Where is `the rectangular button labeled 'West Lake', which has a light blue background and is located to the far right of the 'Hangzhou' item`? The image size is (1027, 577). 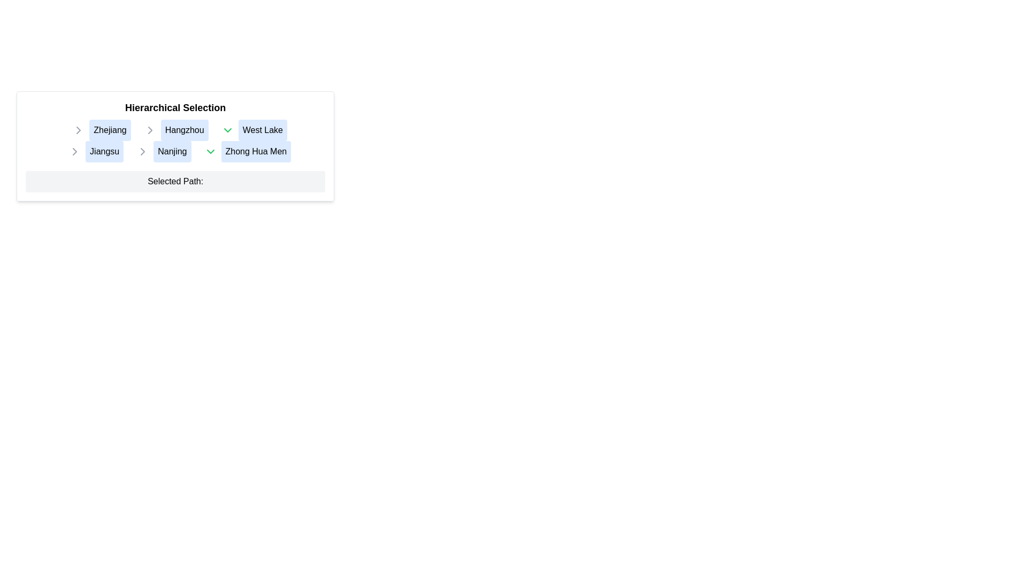
the rectangular button labeled 'West Lake', which has a light blue background and is located to the far right of the 'Hangzhou' item is located at coordinates (262, 129).